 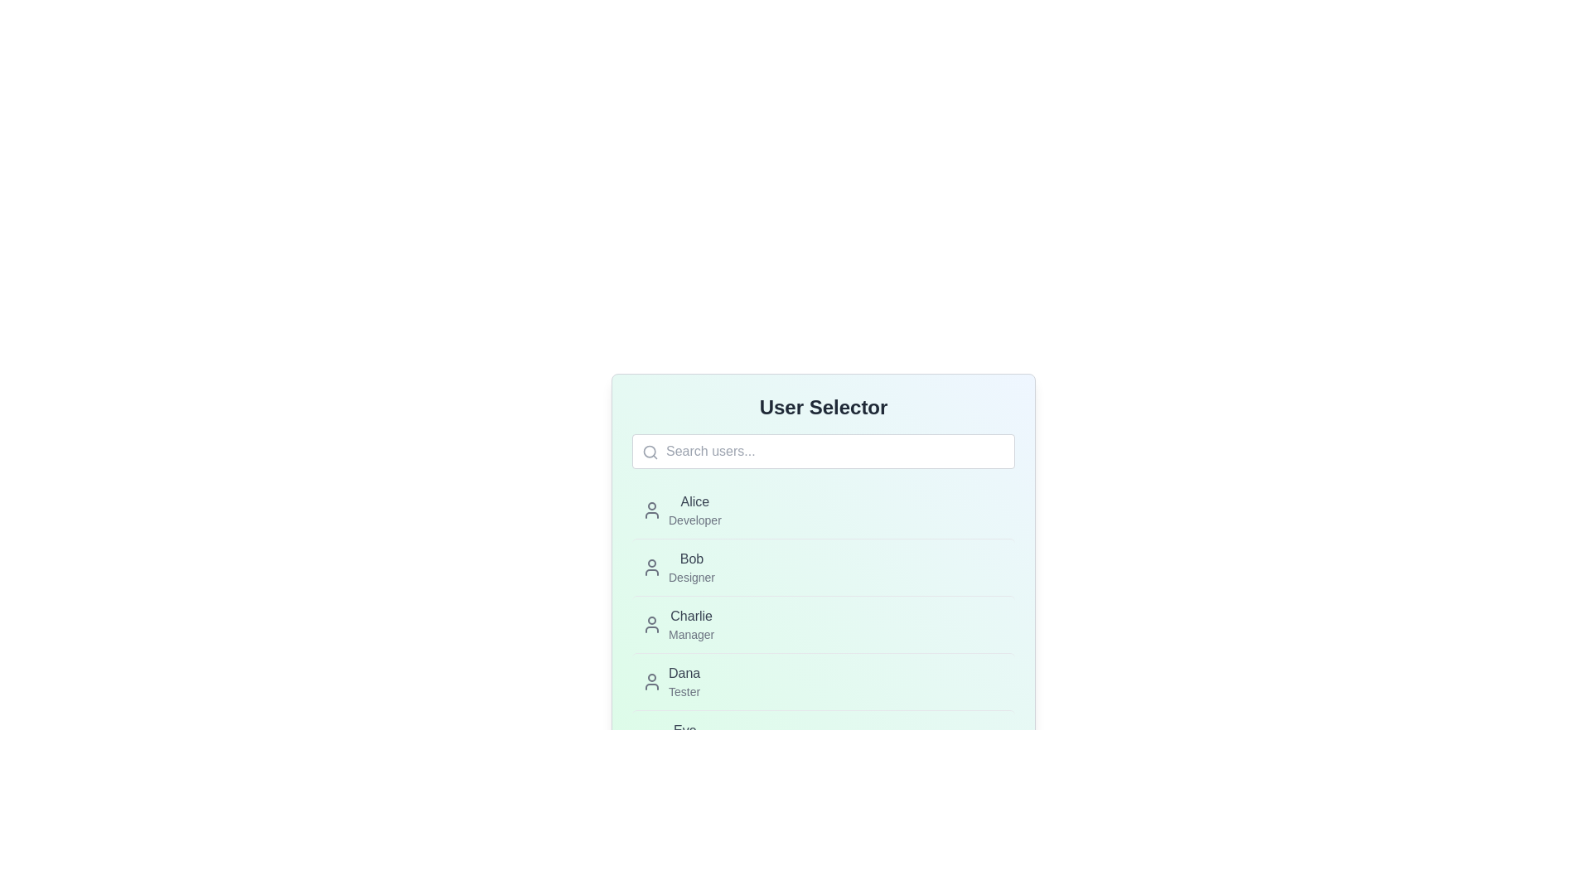 I want to click on to select the user 'Bob' from the list item that features a user icon with a gray outline and the text 'Bob' in bold followed by 'Designer' in a smaller font, so click(x=679, y=567).